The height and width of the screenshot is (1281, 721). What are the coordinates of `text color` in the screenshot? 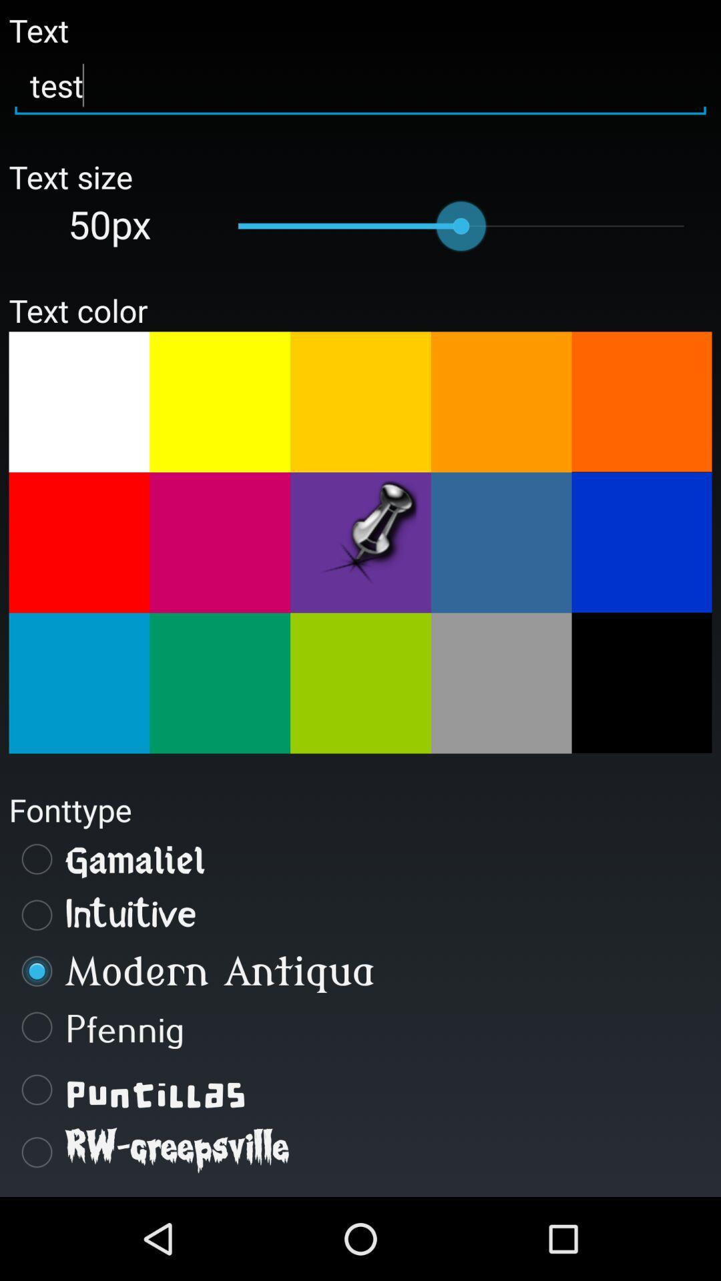 It's located at (641, 542).